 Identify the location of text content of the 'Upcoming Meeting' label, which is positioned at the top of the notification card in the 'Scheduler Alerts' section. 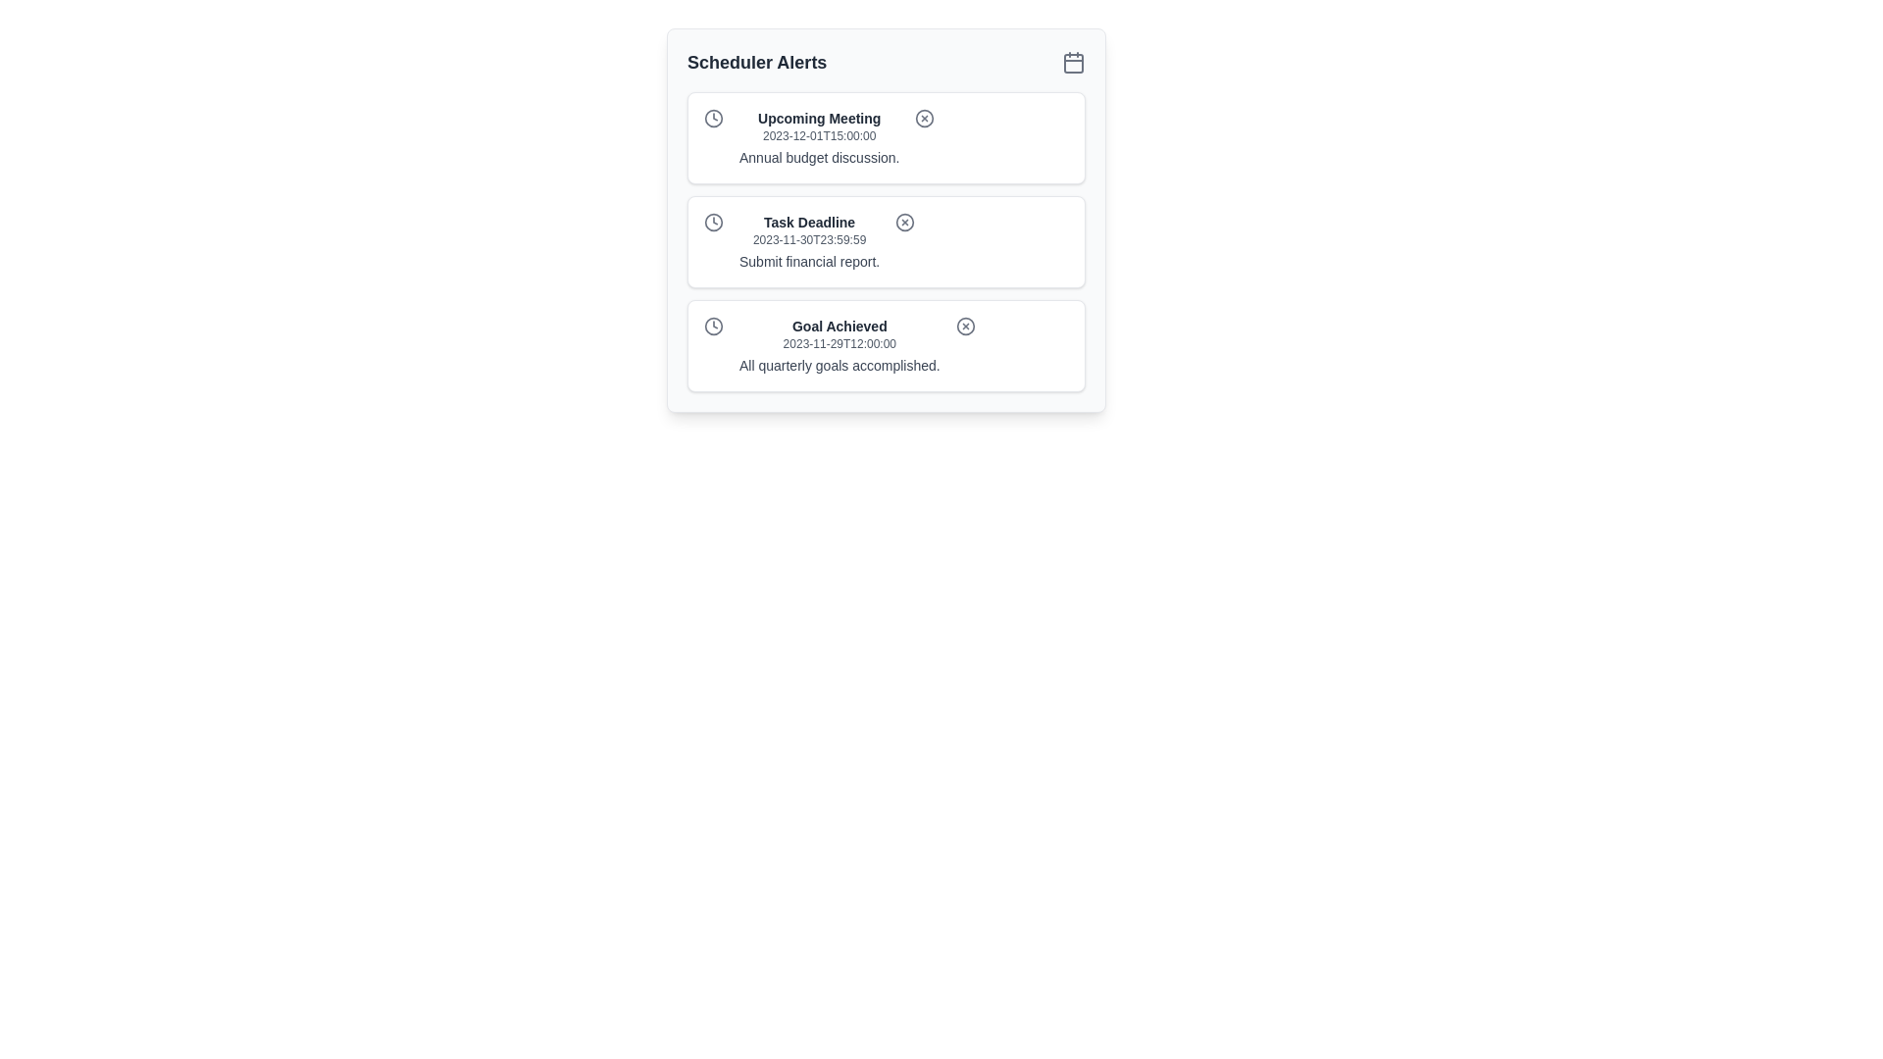
(819, 118).